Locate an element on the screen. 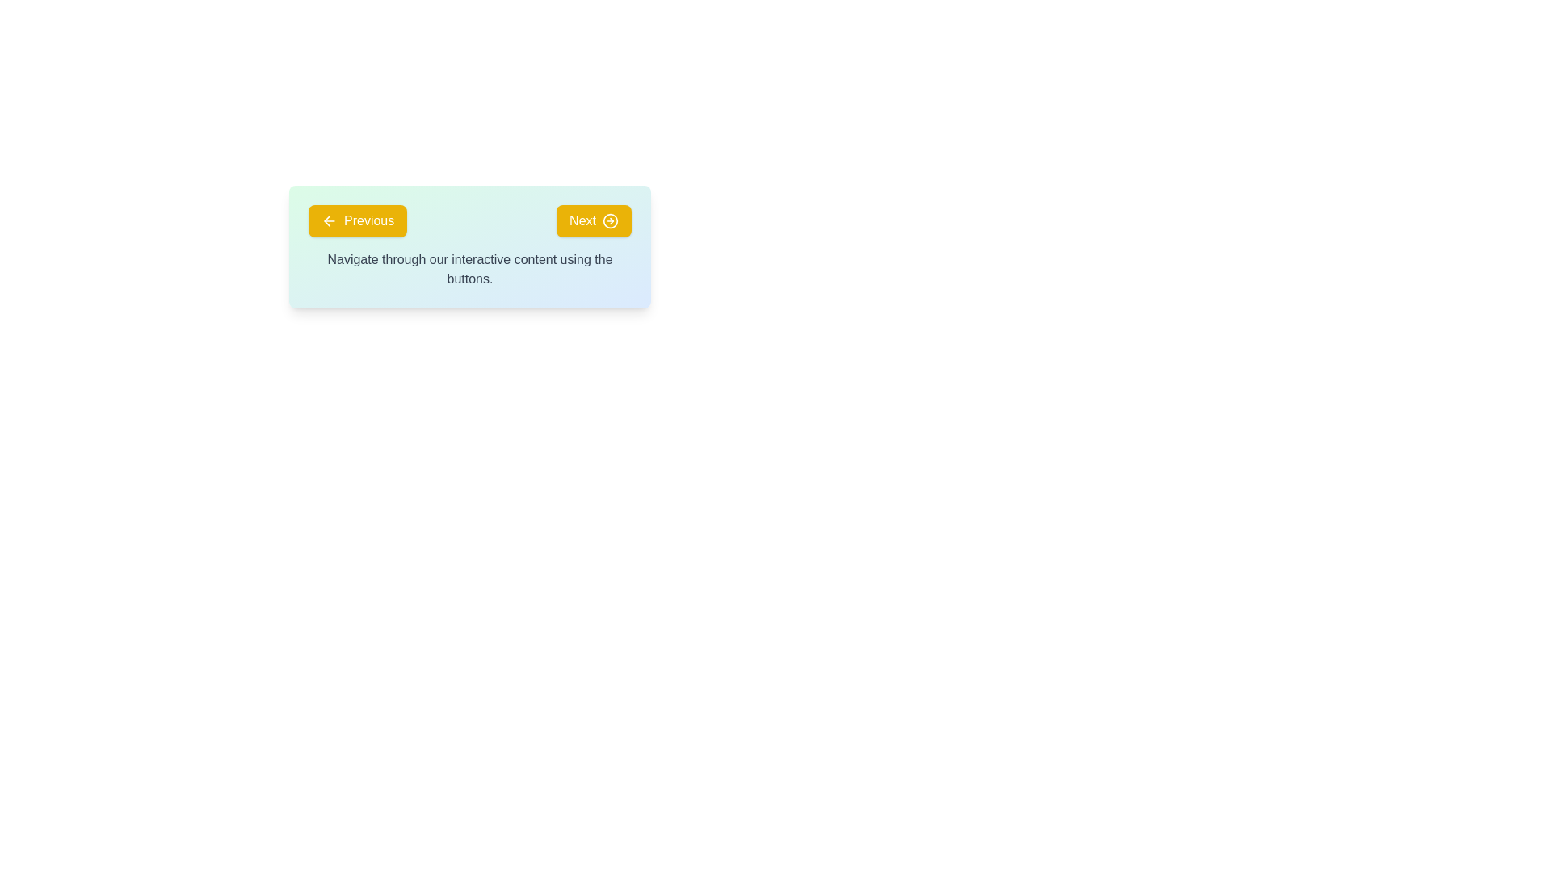 Image resolution: width=1551 pixels, height=872 pixels. the 'Next' button, which is a horizontally rectangular button labeled with bold white font on a bright yellow background, featuring a right-pointing arrow icon is located at coordinates (593, 220).